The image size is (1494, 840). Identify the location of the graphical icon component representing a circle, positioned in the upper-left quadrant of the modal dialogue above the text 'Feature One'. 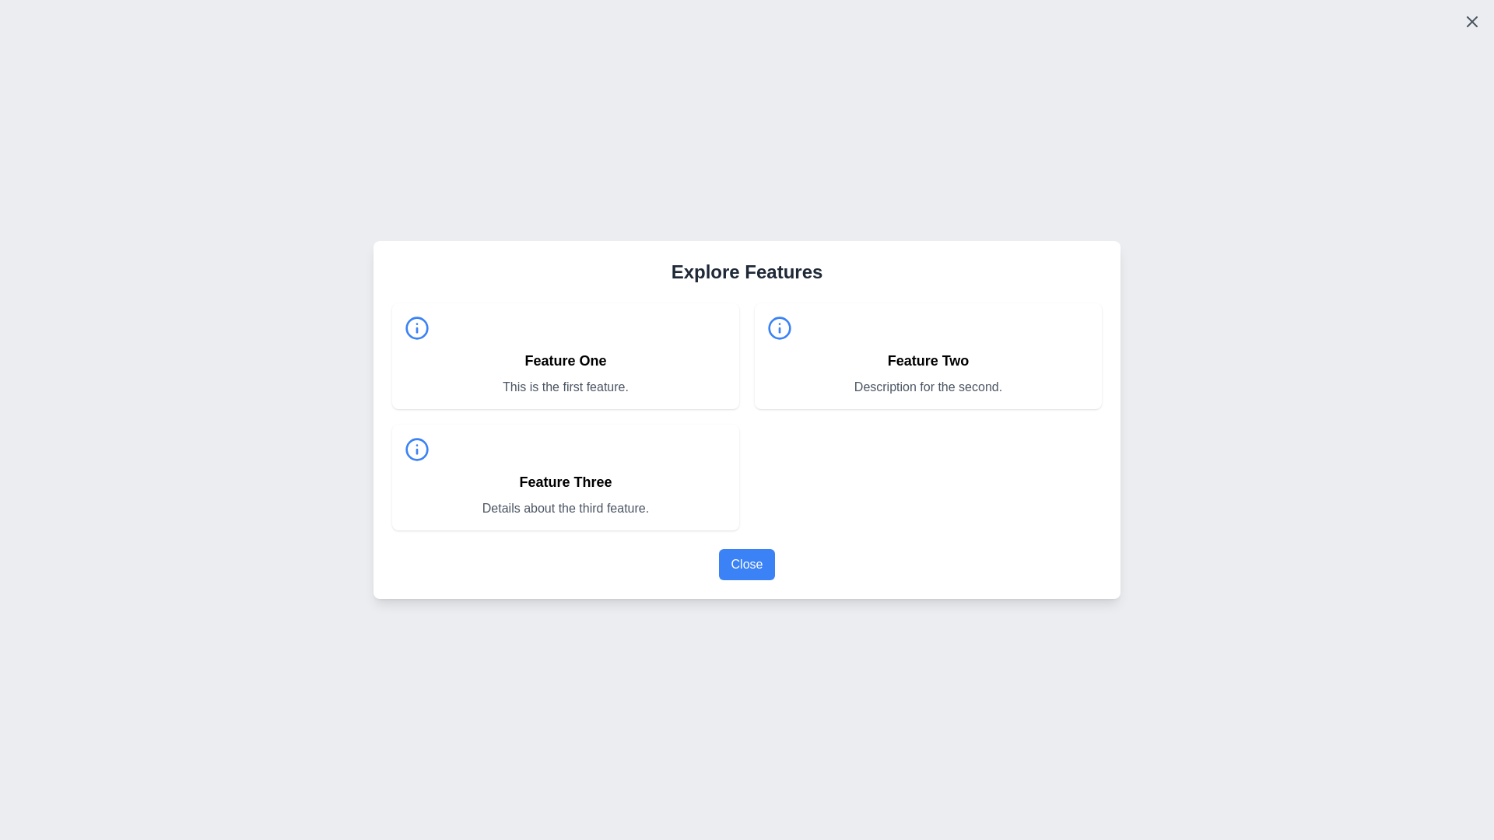
(417, 327).